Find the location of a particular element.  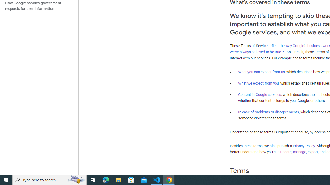

'services' is located at coordinates (265, 32).